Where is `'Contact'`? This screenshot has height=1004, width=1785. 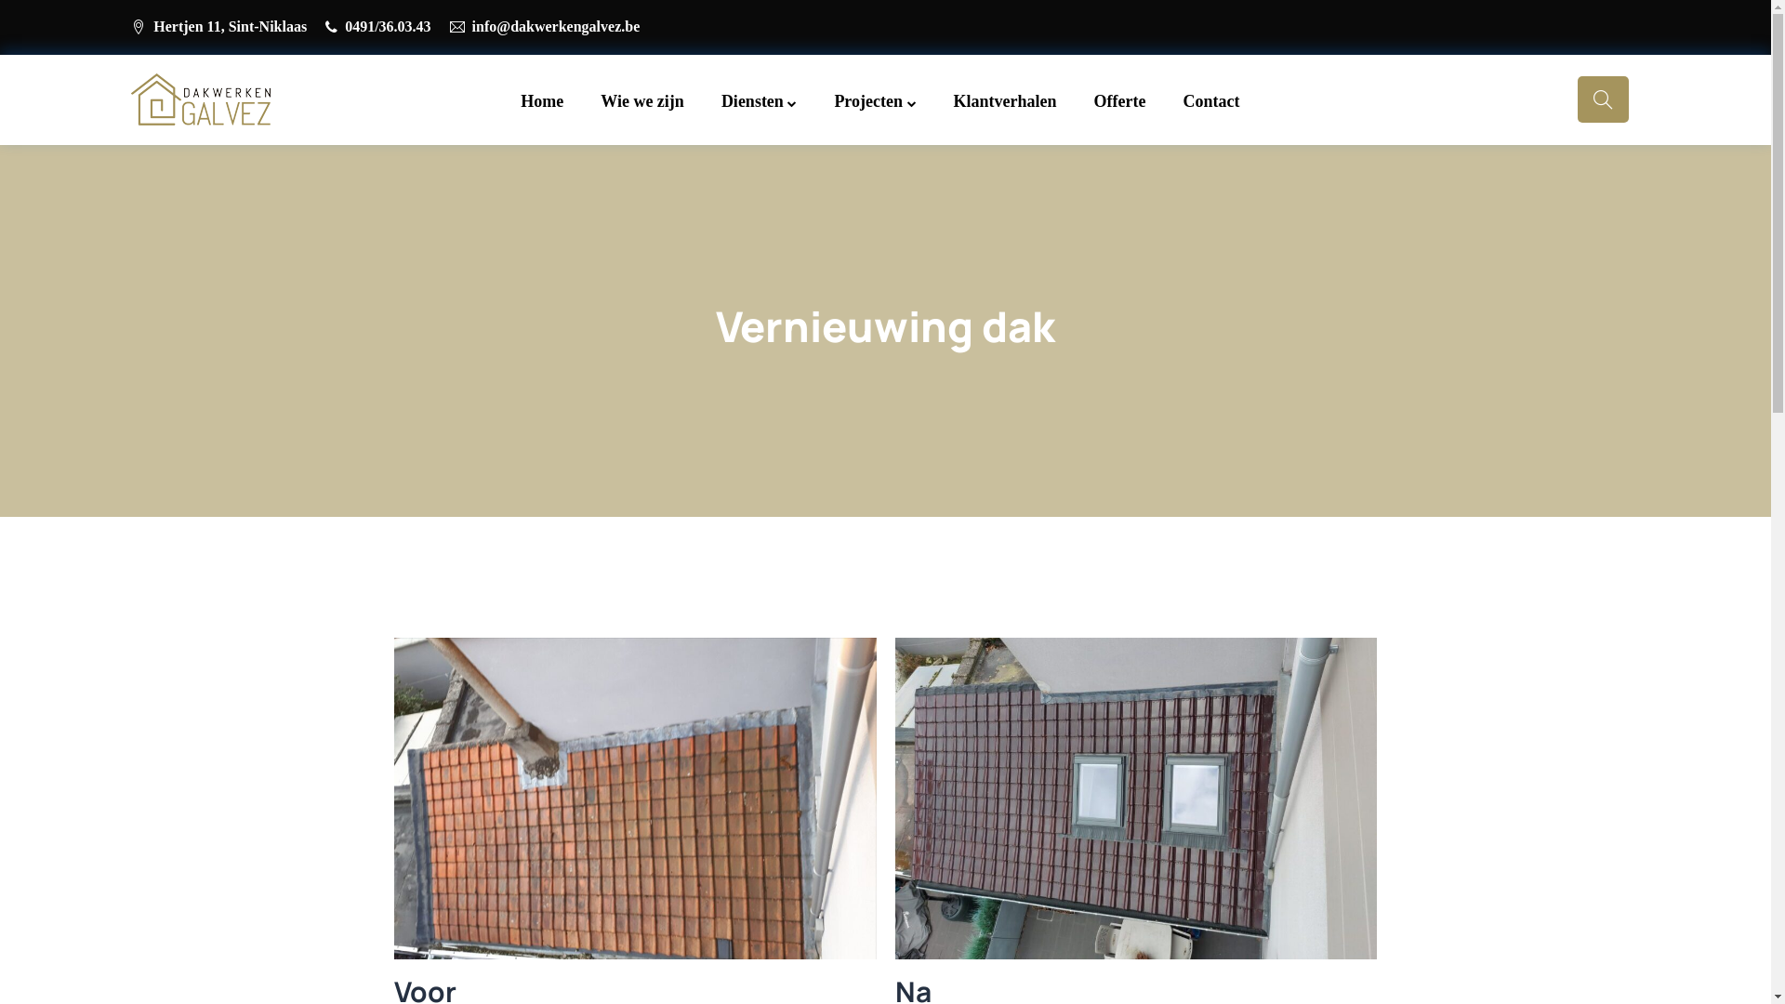
'Contact' is located at coordinates (1210, 101).